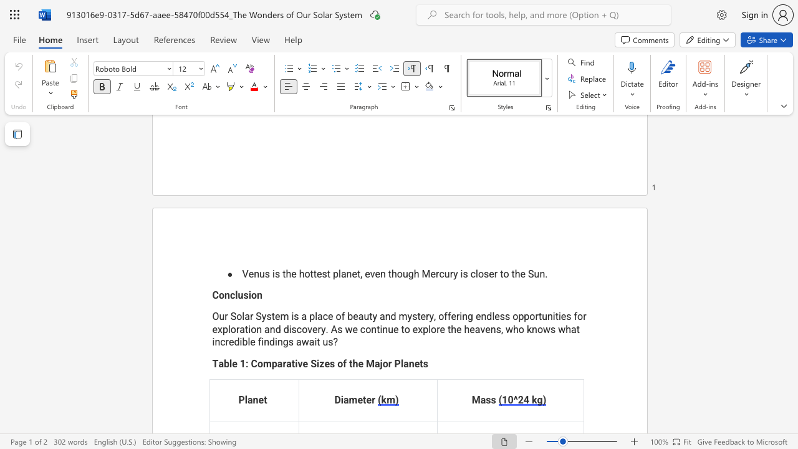 The height and width of the screenshot is (449, 798). What do you see at coordinates (511, 273) in the screenshot?
I see `the subset text "the Sun." within the text "Venus is the hottest planet, even though Mercury is closer to the Sun."` at bounding box center [511, 273].